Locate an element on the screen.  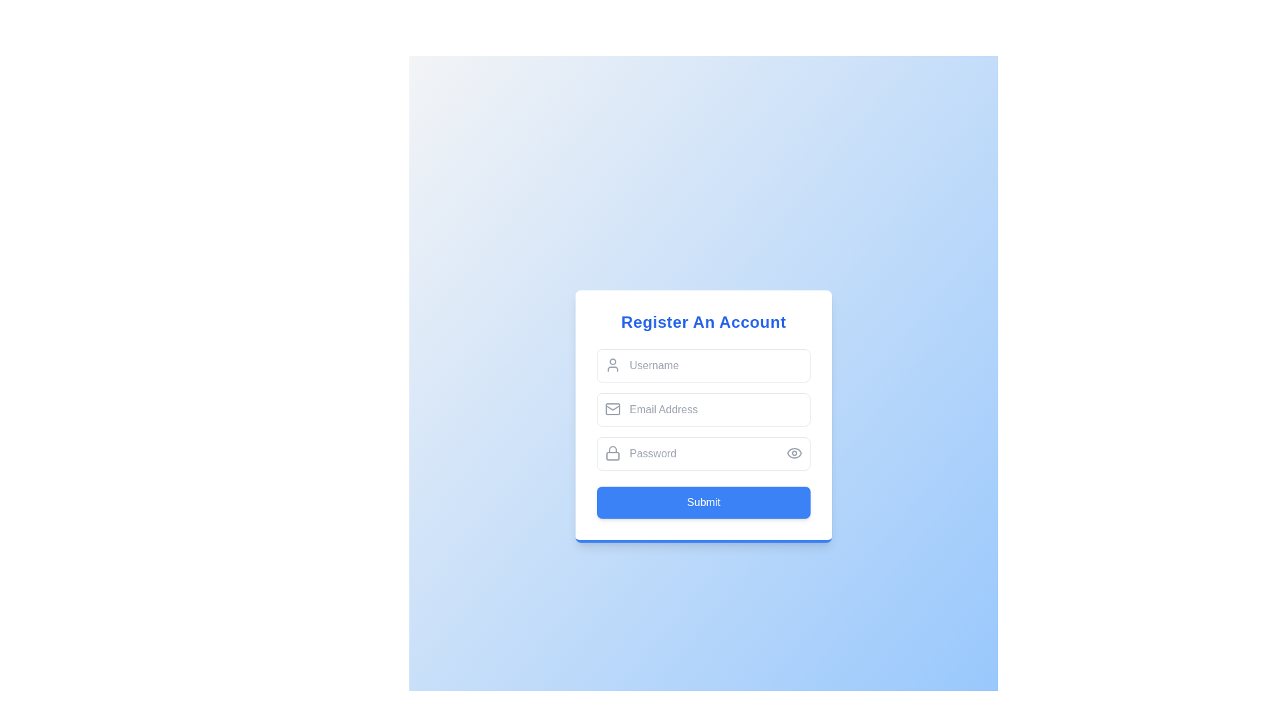
the upper part of the lock icon, which resembles a shackle and is located on the left side of the password input field is located at coordinates (612, 449).